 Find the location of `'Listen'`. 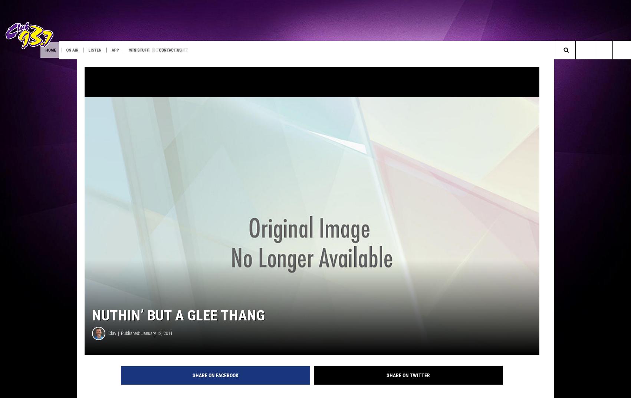

'Listen' is located at coordinates (125, 49).